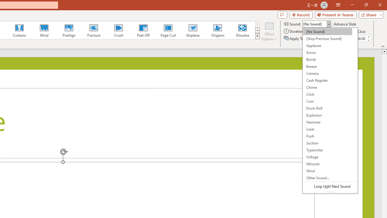 Image resolution: width=387 pixels, height=218 pixels. What do you see at coordinates (118, 30) in the screenshot?
I see `'Crush'` at bounding box center [118, 30].